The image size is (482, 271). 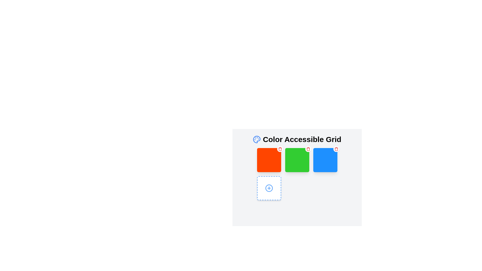 I want to click on the third interactive grid item, which is a blue square, so click(x=325, y=160).